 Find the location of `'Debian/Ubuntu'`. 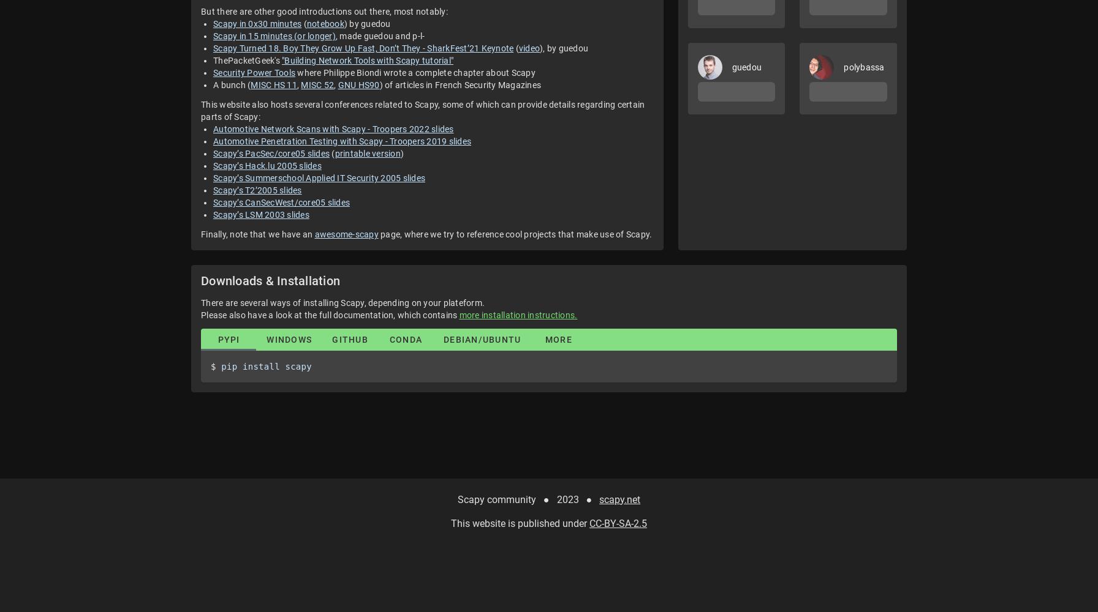

'Debian/Ubuntu' is located at coordinates (482, 340).